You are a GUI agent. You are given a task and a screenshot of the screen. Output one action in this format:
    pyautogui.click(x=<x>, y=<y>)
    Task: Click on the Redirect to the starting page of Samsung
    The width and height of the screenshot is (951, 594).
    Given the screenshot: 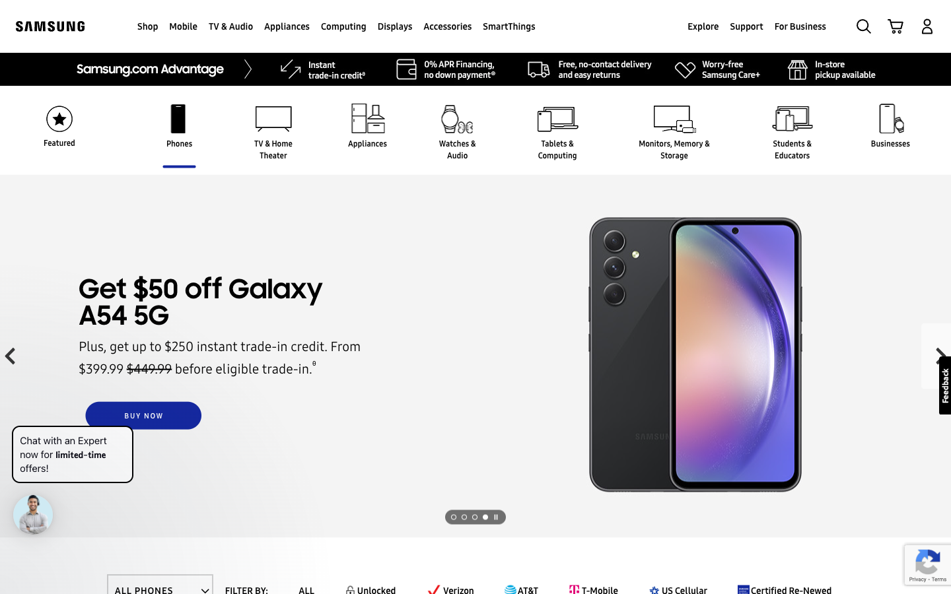 What is the action you would take?
    pyautogui.click(x=50, y=25)
    